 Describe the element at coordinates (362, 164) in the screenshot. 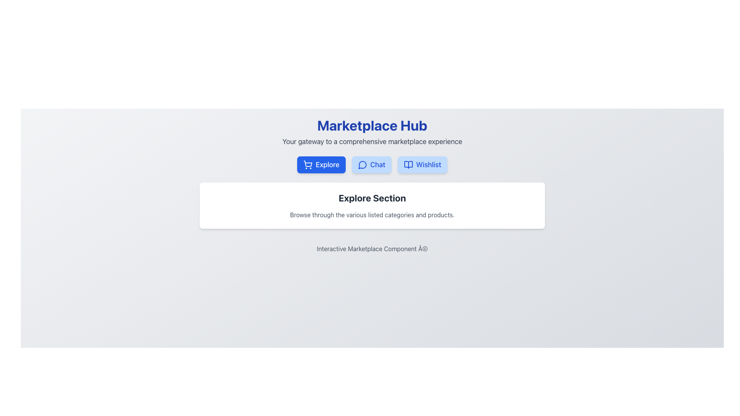

I see `the 'Chat' button icon in the middle of the navigation bar to initiate the chat interface` at that location.